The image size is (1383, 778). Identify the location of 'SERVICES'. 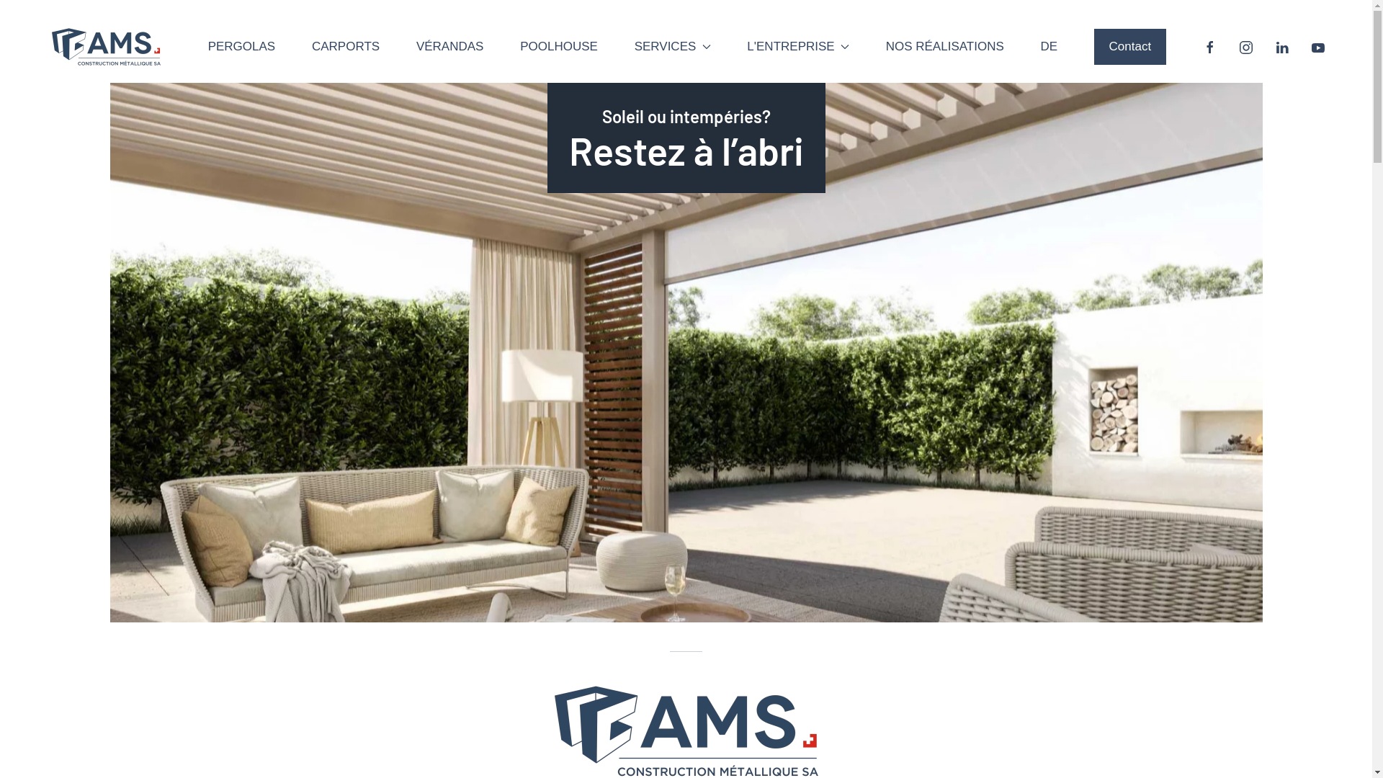
(672, 46).